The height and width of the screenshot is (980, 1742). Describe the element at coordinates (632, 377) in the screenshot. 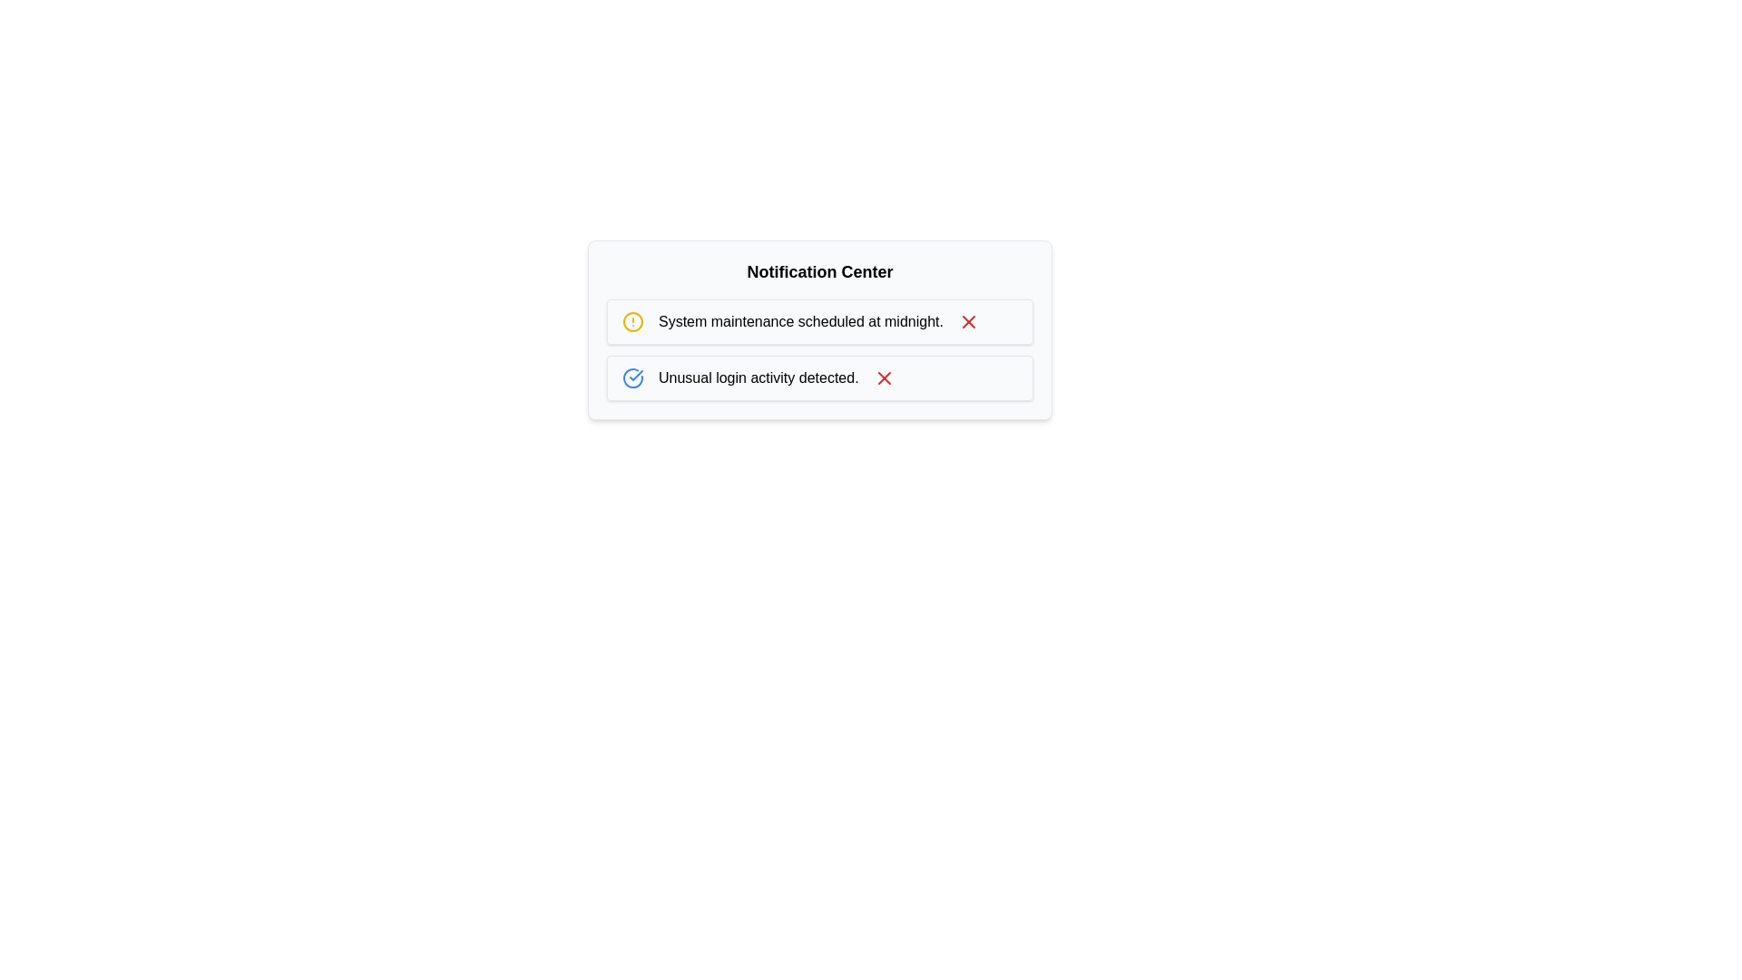

I see `the state of the blue circular icon with a checkmark indicating confirmation, located to the far left of the row containing 'Unusual login activity detected.'` at that location.